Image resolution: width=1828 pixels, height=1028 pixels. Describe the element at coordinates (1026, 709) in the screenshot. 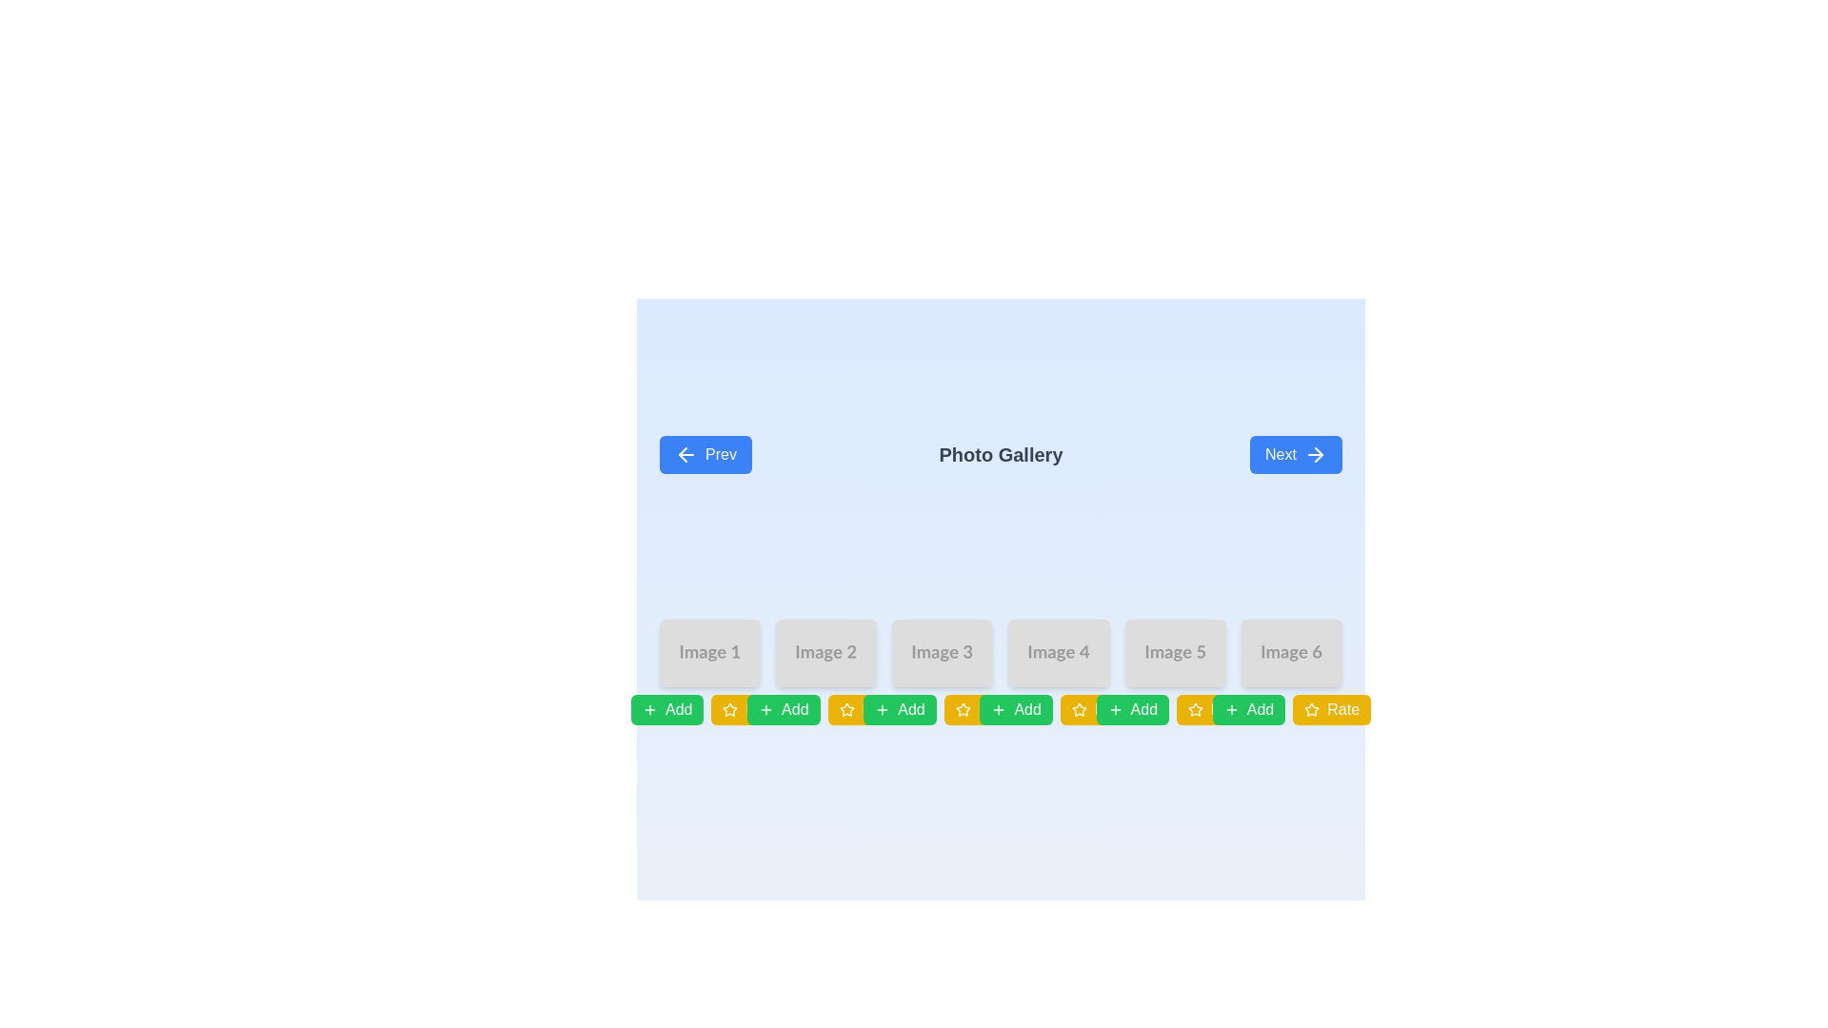

I see `the 'Add' button, which is a green rectangular button with rounded corners containing white text, located below the fourth image in a gallery of similar buttons` at that location.